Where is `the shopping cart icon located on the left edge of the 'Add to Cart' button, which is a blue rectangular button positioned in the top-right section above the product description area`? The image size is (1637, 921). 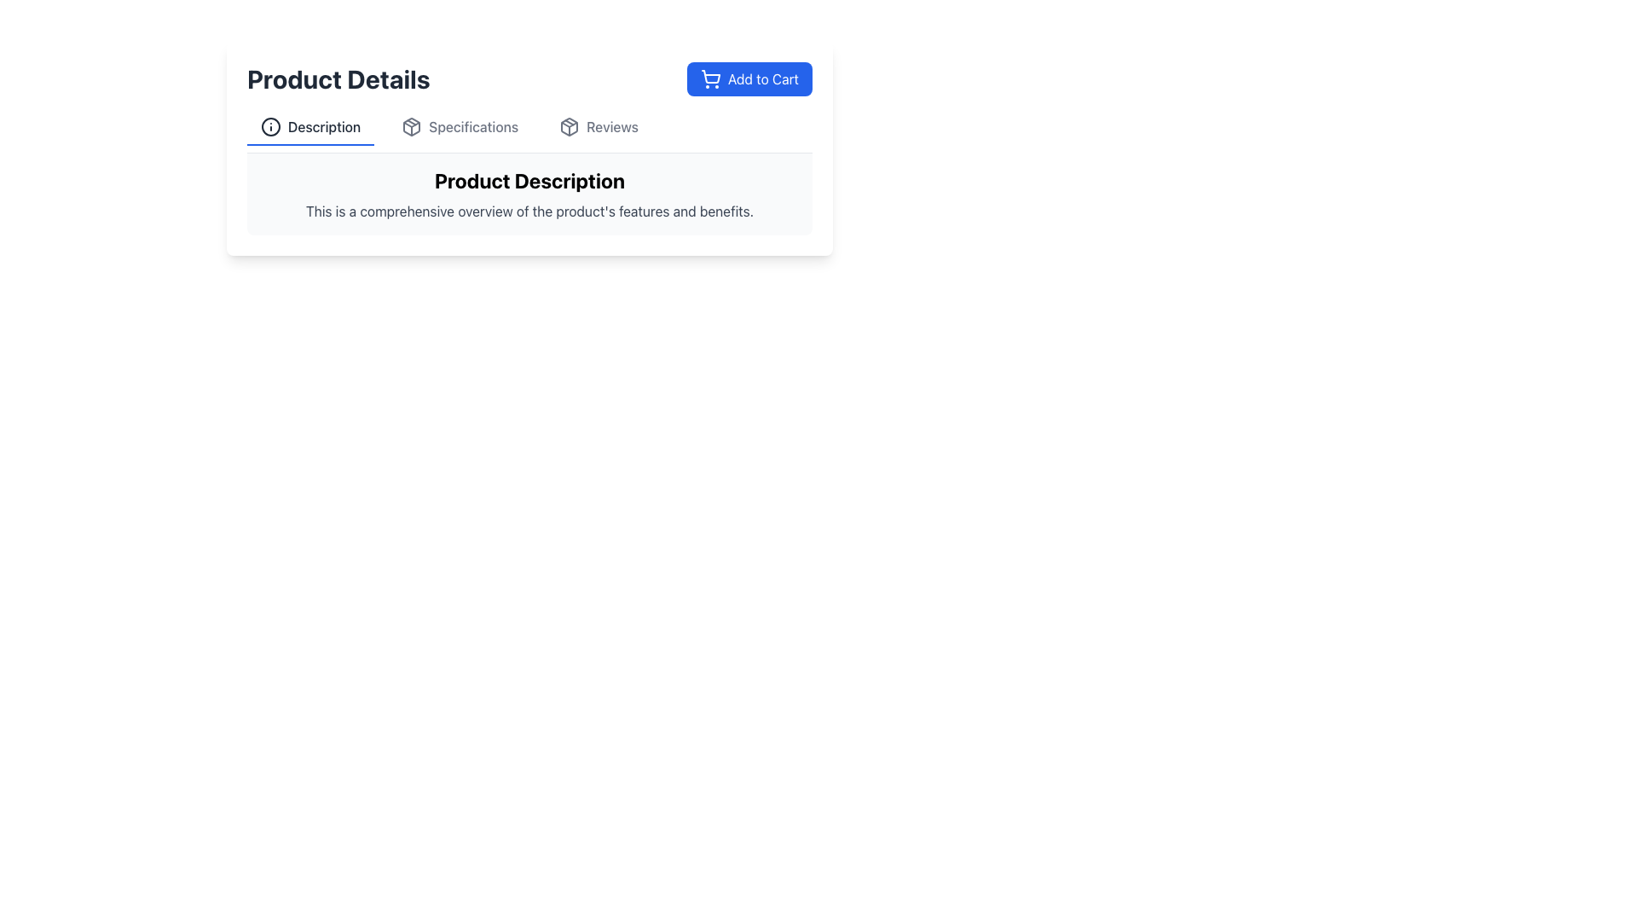 the shopping cart icon located on the left edge of the 'Add to Cart' button, which is a blue rectangular button positioned in the top-right section above the product description area is located at coordinates (711, 78).